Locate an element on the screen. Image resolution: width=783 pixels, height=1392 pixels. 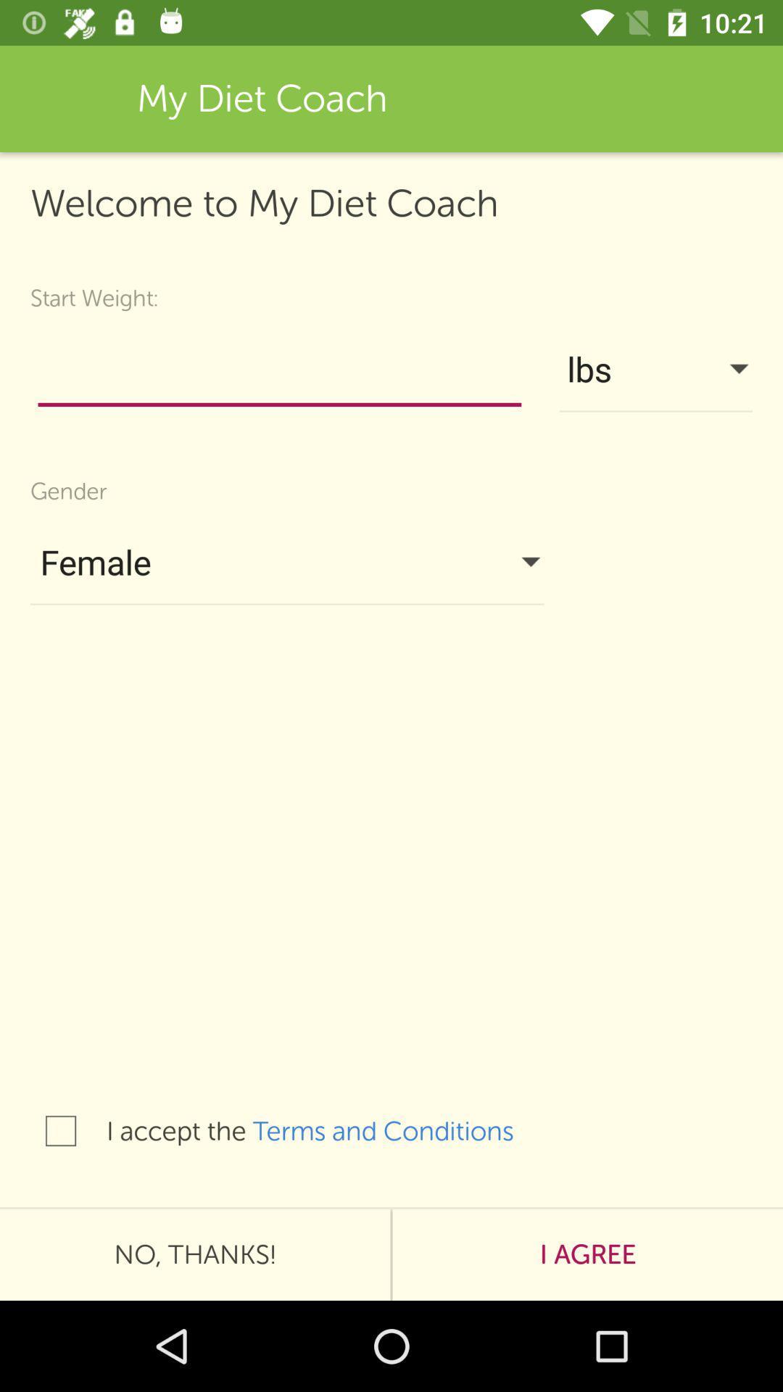
the no, thanks! is located at coordinates (194, 1254).